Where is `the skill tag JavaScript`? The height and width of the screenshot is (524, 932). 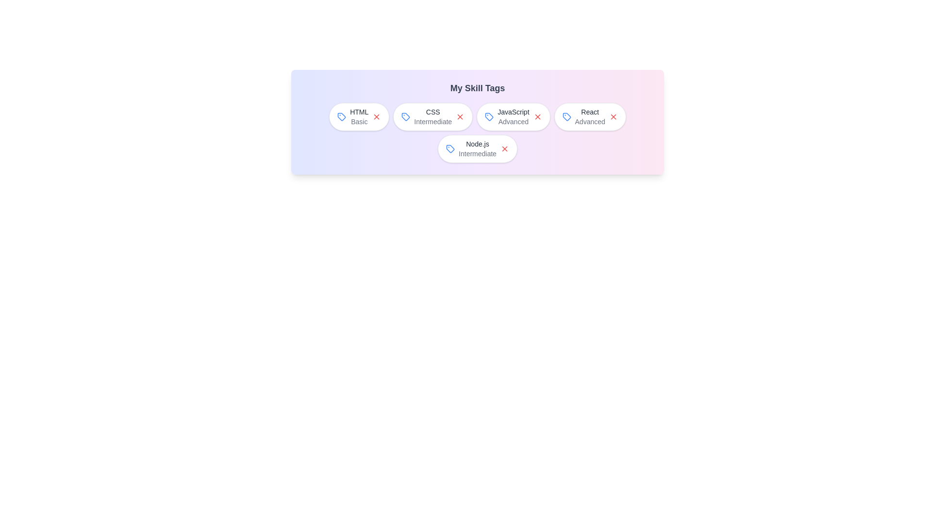
the skill tag JavaScript is located at coordinates (513, 116).